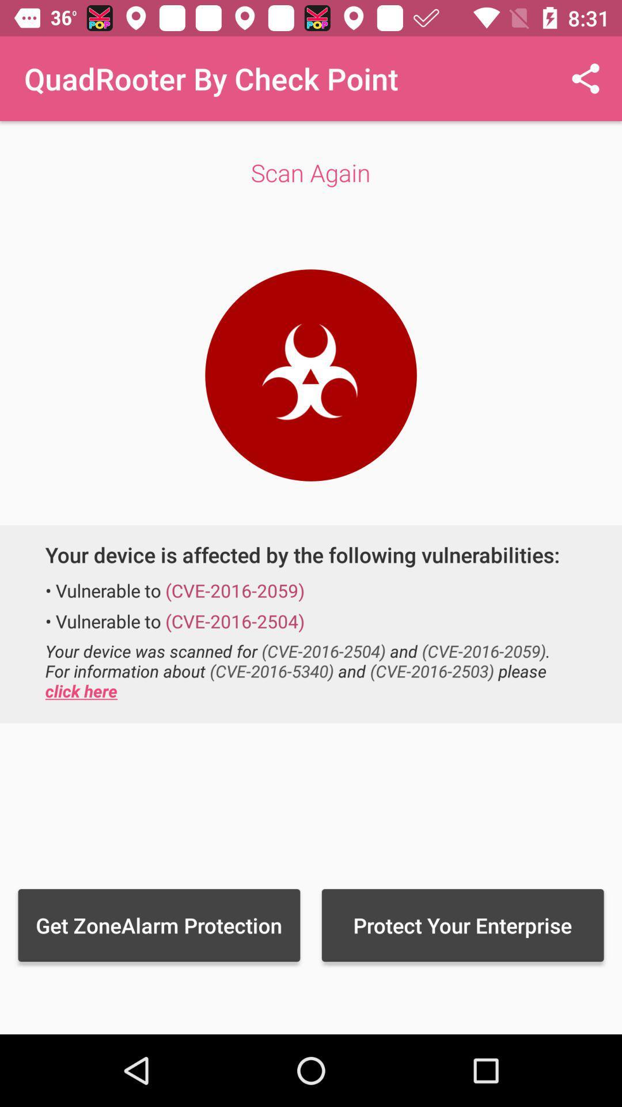  What do you see at coordinates (462, 925) in the screenshot?
I see `the item to the right of the get zonealarm protection` at bounding box center [462, 925].